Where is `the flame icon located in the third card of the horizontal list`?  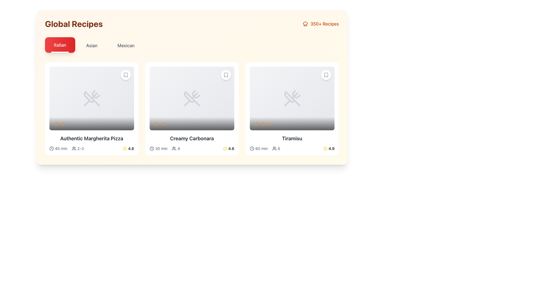 the flame icon located in the third card of the horizontal list is located at coordinates (263, 123).